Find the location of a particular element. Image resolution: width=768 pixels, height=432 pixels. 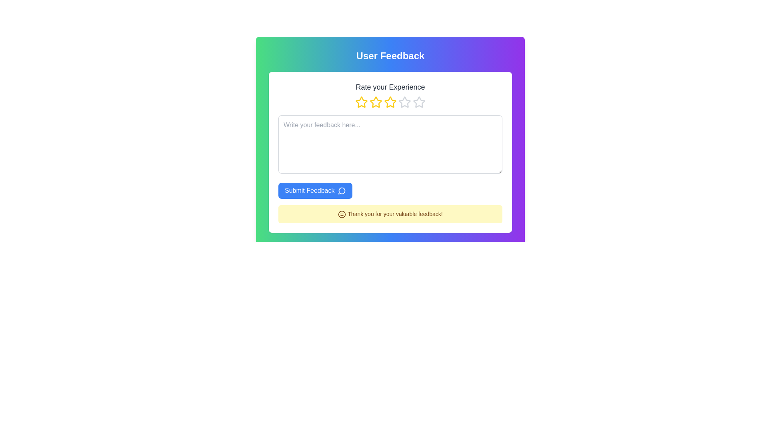

the fourth star icon in the row of rating stars, which is styled in gray and has a hollow center, in the 'Rate your Experience' section is located at coordinates (418, 102).